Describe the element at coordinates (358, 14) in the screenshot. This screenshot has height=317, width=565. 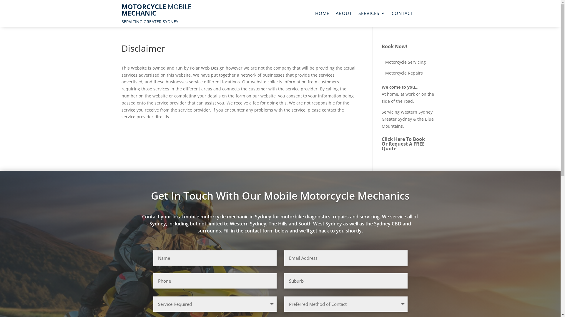
I see `'SERVICES'` at that location.